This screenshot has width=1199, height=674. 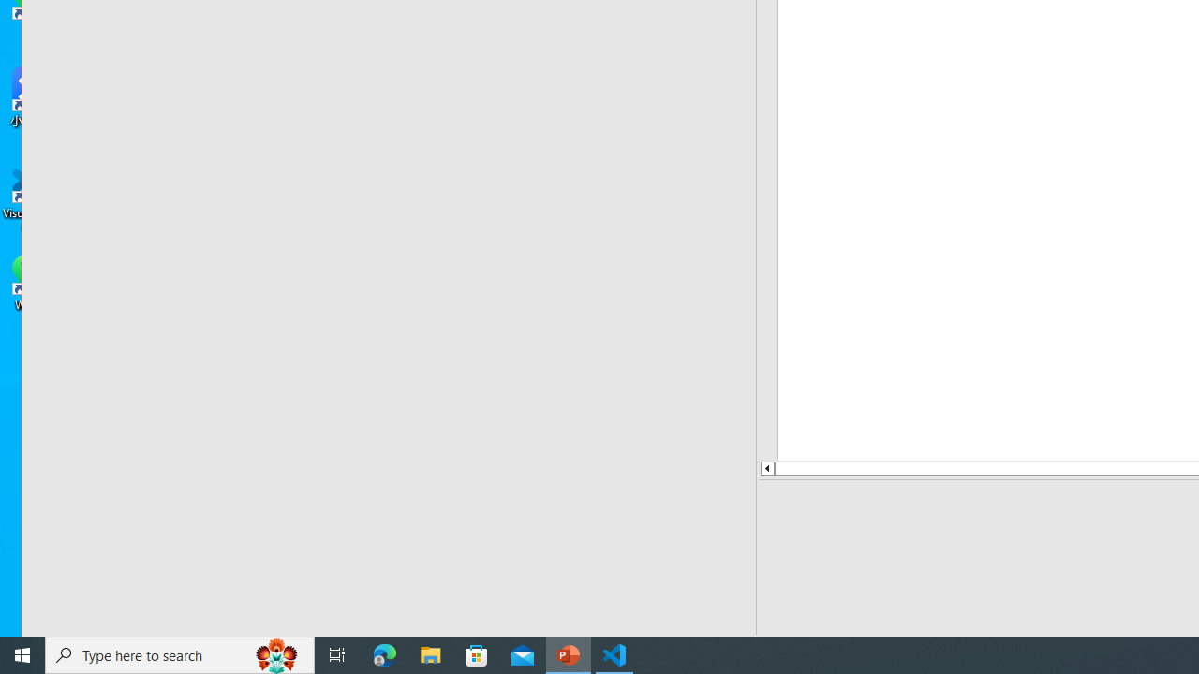 I want to click on 'Line up', so click(x=766, y=467).